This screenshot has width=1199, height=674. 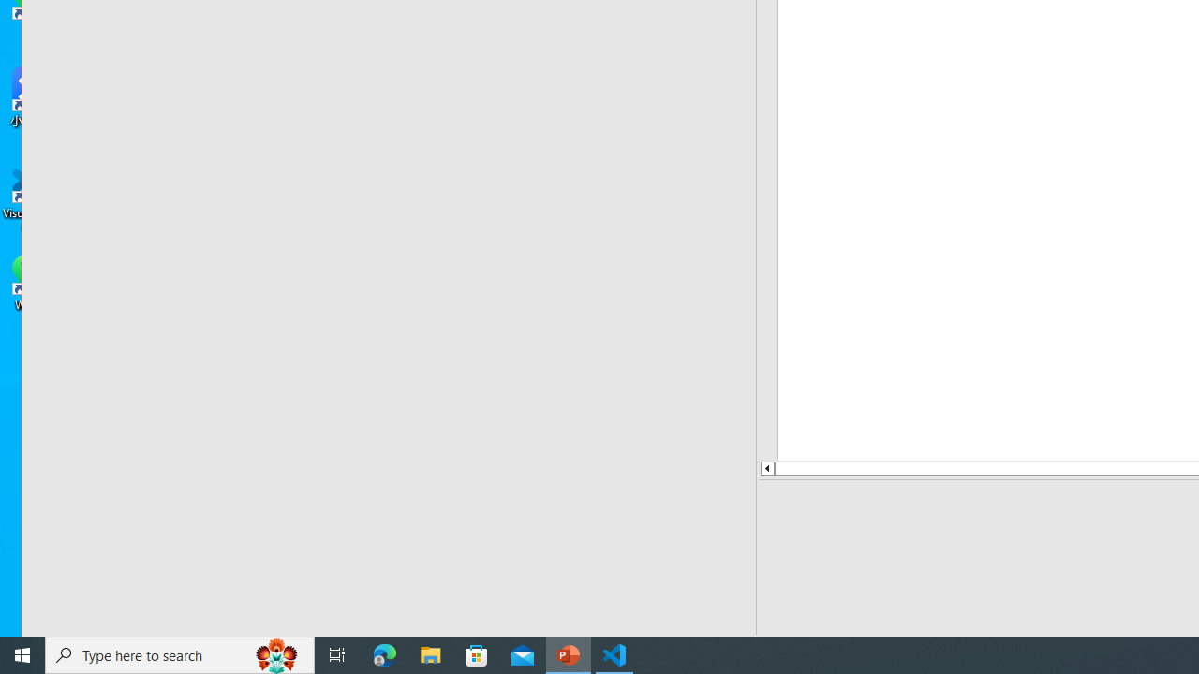 I want to click on 'Line up', so click(x=766, y=467).